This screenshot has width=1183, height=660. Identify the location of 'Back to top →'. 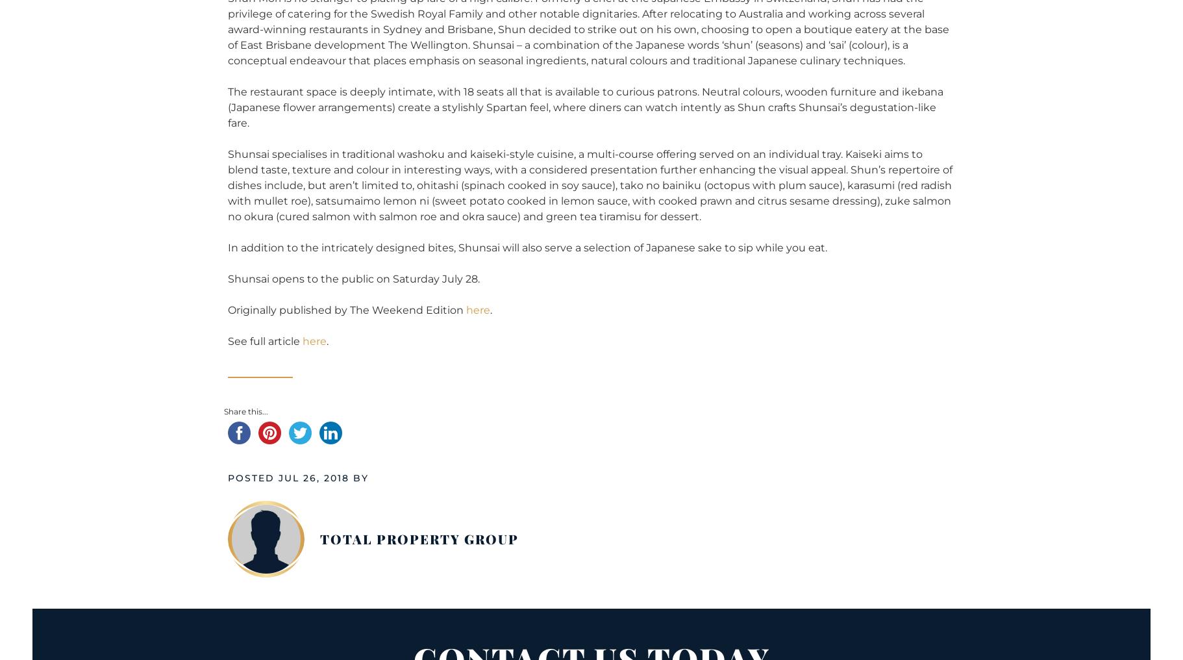
(1167, 587).